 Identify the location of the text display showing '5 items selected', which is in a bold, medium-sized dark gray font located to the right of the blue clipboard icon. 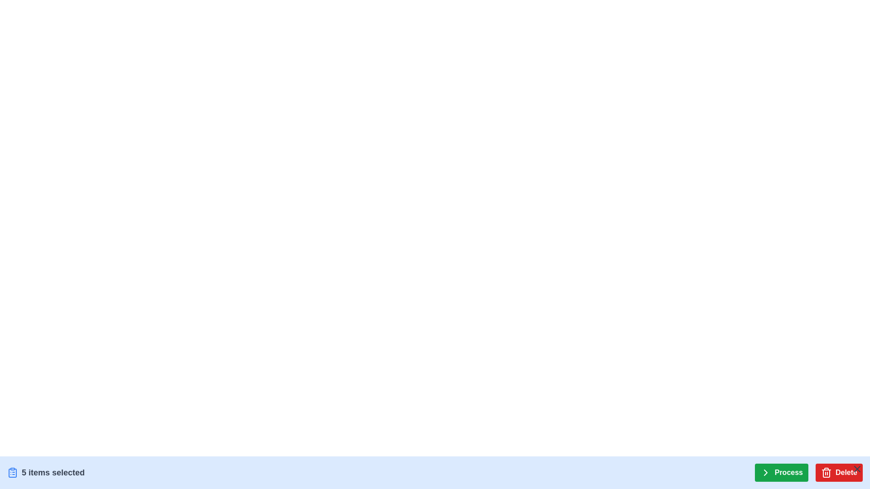
(53, 472).